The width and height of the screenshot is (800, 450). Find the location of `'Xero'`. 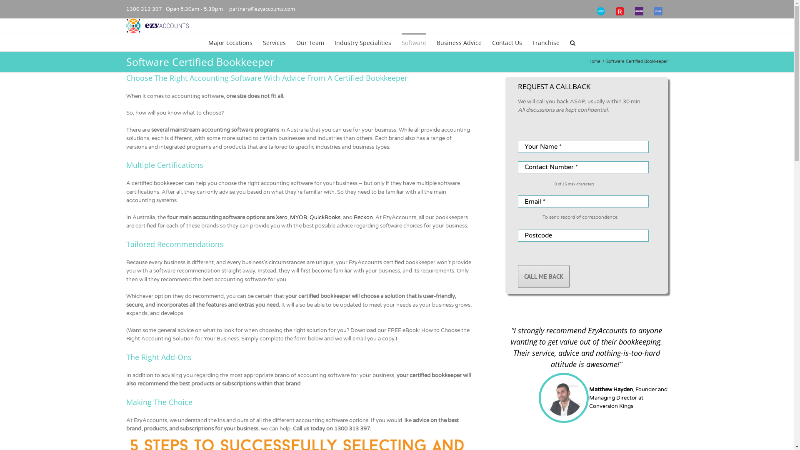

'Xero' is located at coordinates (282, 217).